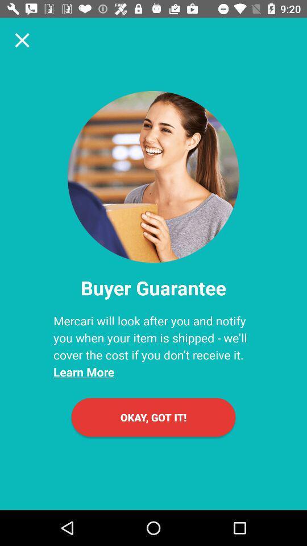 This screenshot has height=546, width=307. What do you see at coordinates (153, 416) in the screenshot?
I see `okay, got it!` at bounding box center [153, 416].